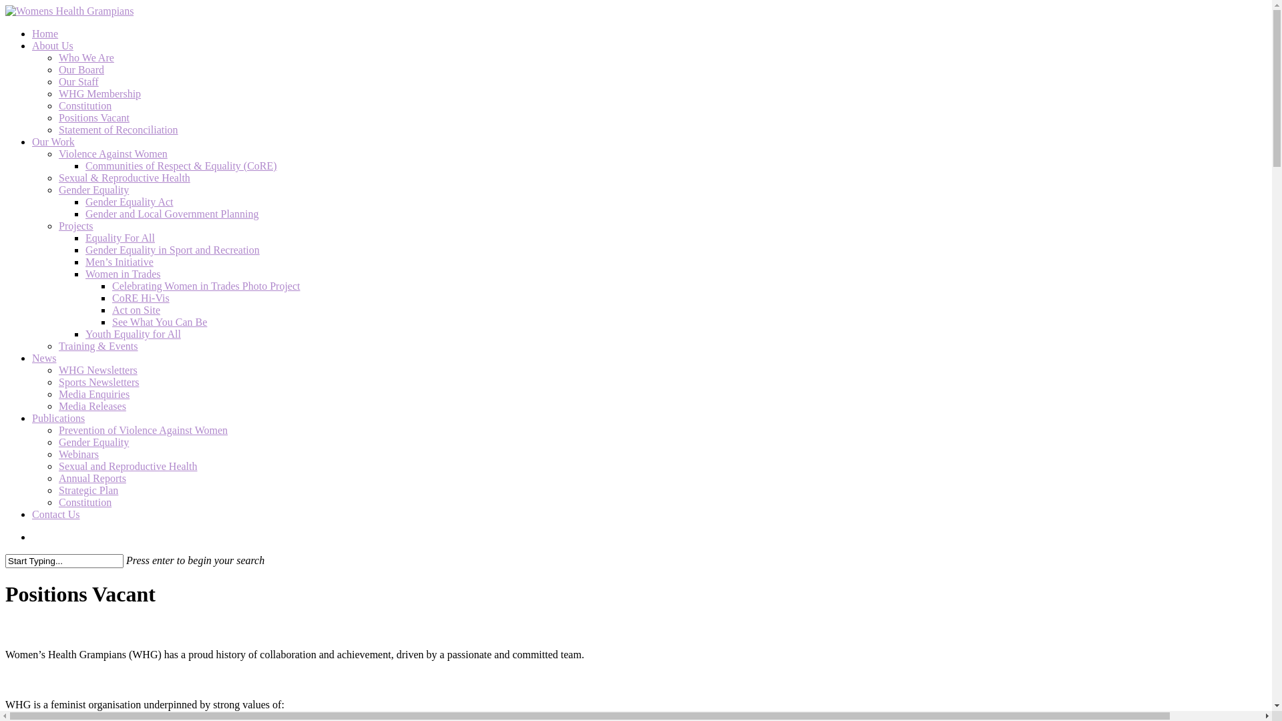 The width and height of the screenshot is (1282, 721). Describe the element at coordinates (128, 465) in the screenshot. I see `'Sexual and Reproductive Health'` at that location.